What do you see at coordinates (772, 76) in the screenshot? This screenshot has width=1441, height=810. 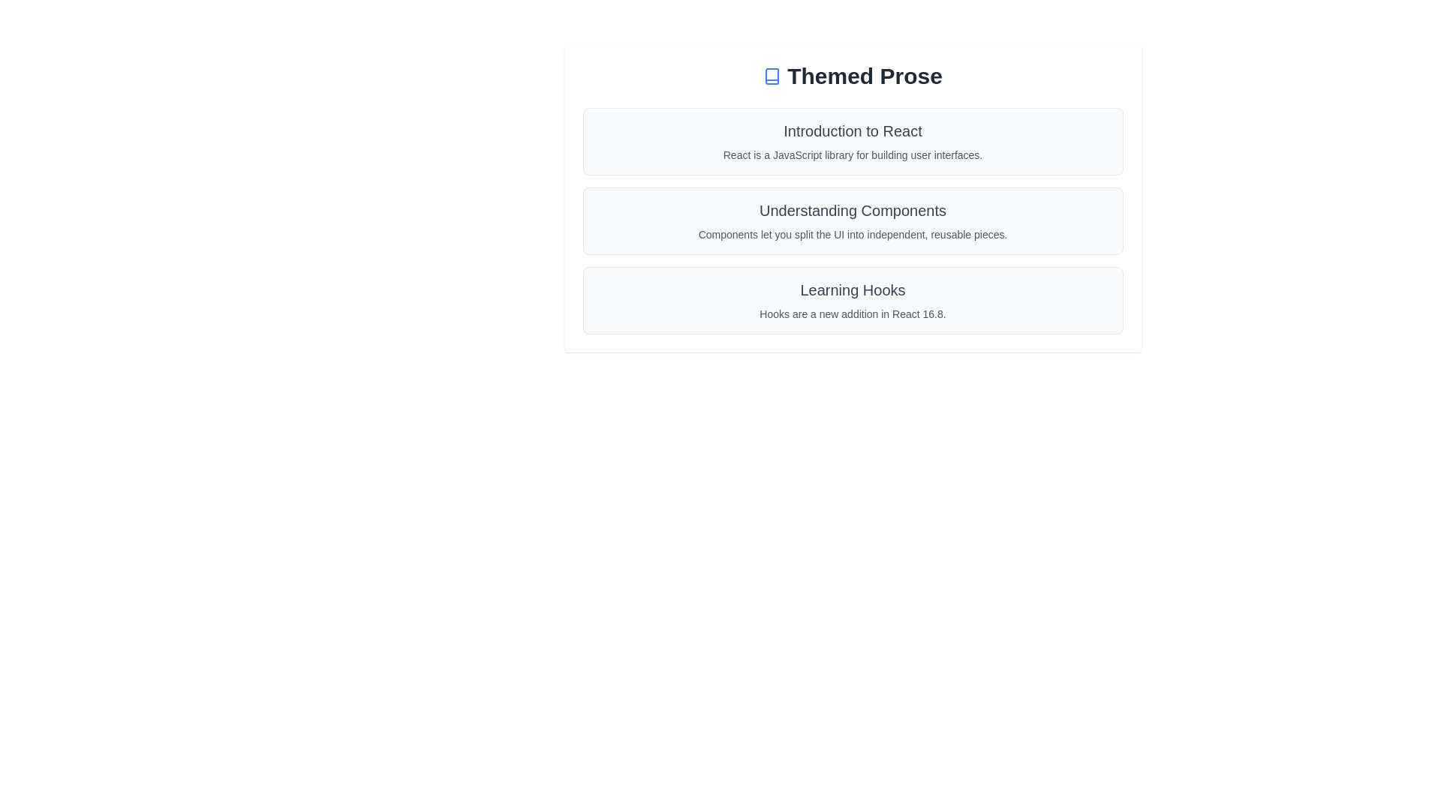 I see `the blue SVG icon resembling an open book, which is located to the left of the text 'Themed Prose'` at bounding box center [772, 76].